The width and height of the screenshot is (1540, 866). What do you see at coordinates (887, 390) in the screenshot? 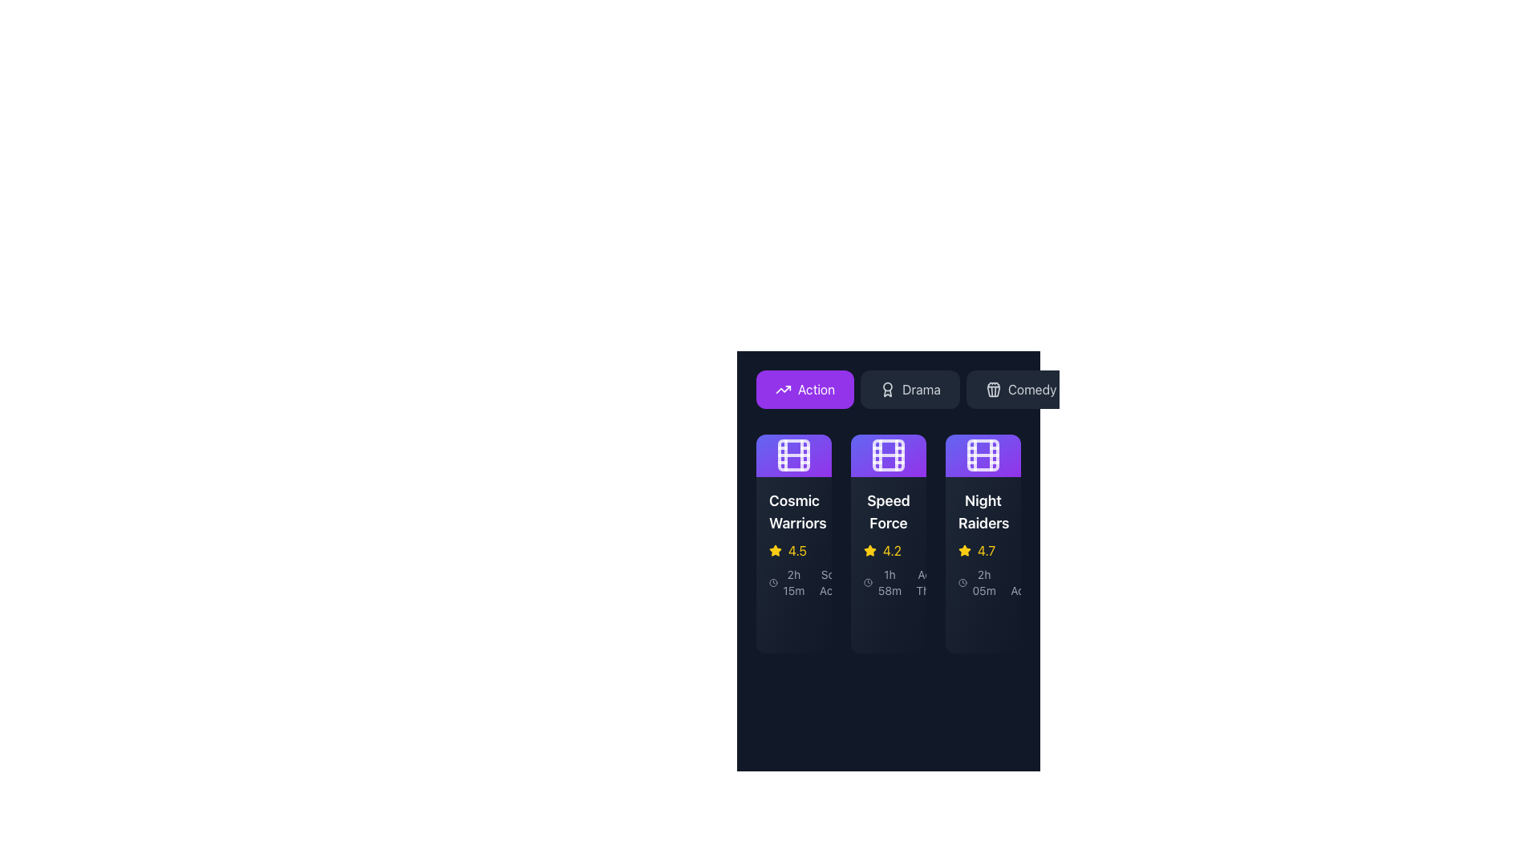
I see `the award or badge icon representing the 'Drama' category, which is the second icon among its sibling category buttons at the top of the user interface` at bounding box center [887, 390].